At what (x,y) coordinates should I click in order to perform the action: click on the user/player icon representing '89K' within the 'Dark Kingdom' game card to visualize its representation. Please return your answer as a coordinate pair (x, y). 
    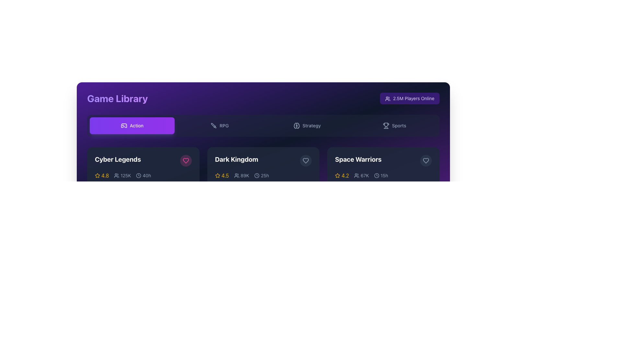
    Looking at the image, I should click on (236, 176).